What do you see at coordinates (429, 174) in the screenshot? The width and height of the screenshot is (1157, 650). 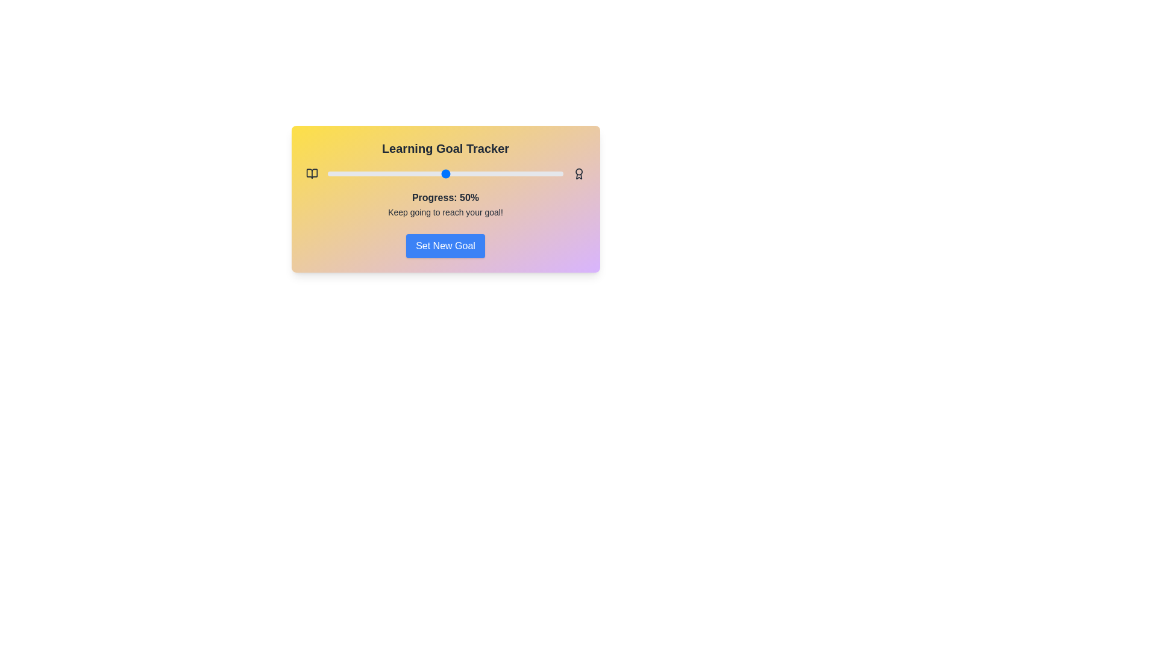 I see `the progress slider to 43%` at bounding box center [429, 174].